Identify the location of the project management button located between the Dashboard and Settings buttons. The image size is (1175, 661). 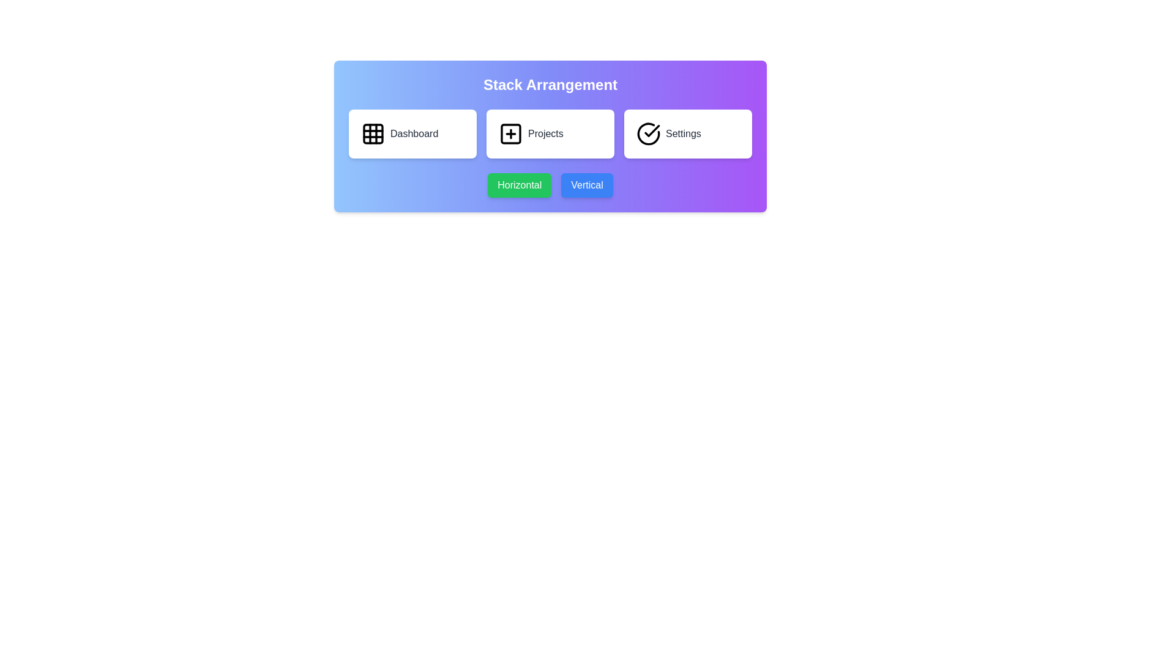
(550, 134).